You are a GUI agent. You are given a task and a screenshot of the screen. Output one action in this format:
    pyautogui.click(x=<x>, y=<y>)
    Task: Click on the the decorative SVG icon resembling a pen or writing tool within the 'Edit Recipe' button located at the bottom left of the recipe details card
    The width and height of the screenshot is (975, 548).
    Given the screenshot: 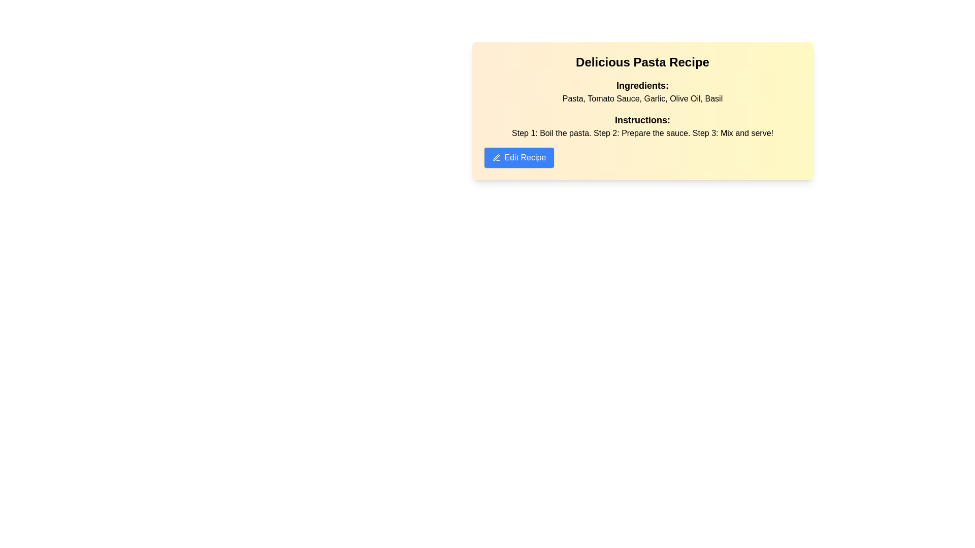 What is the action you would take?
    pyautogui.click(x=496, y=157)
    